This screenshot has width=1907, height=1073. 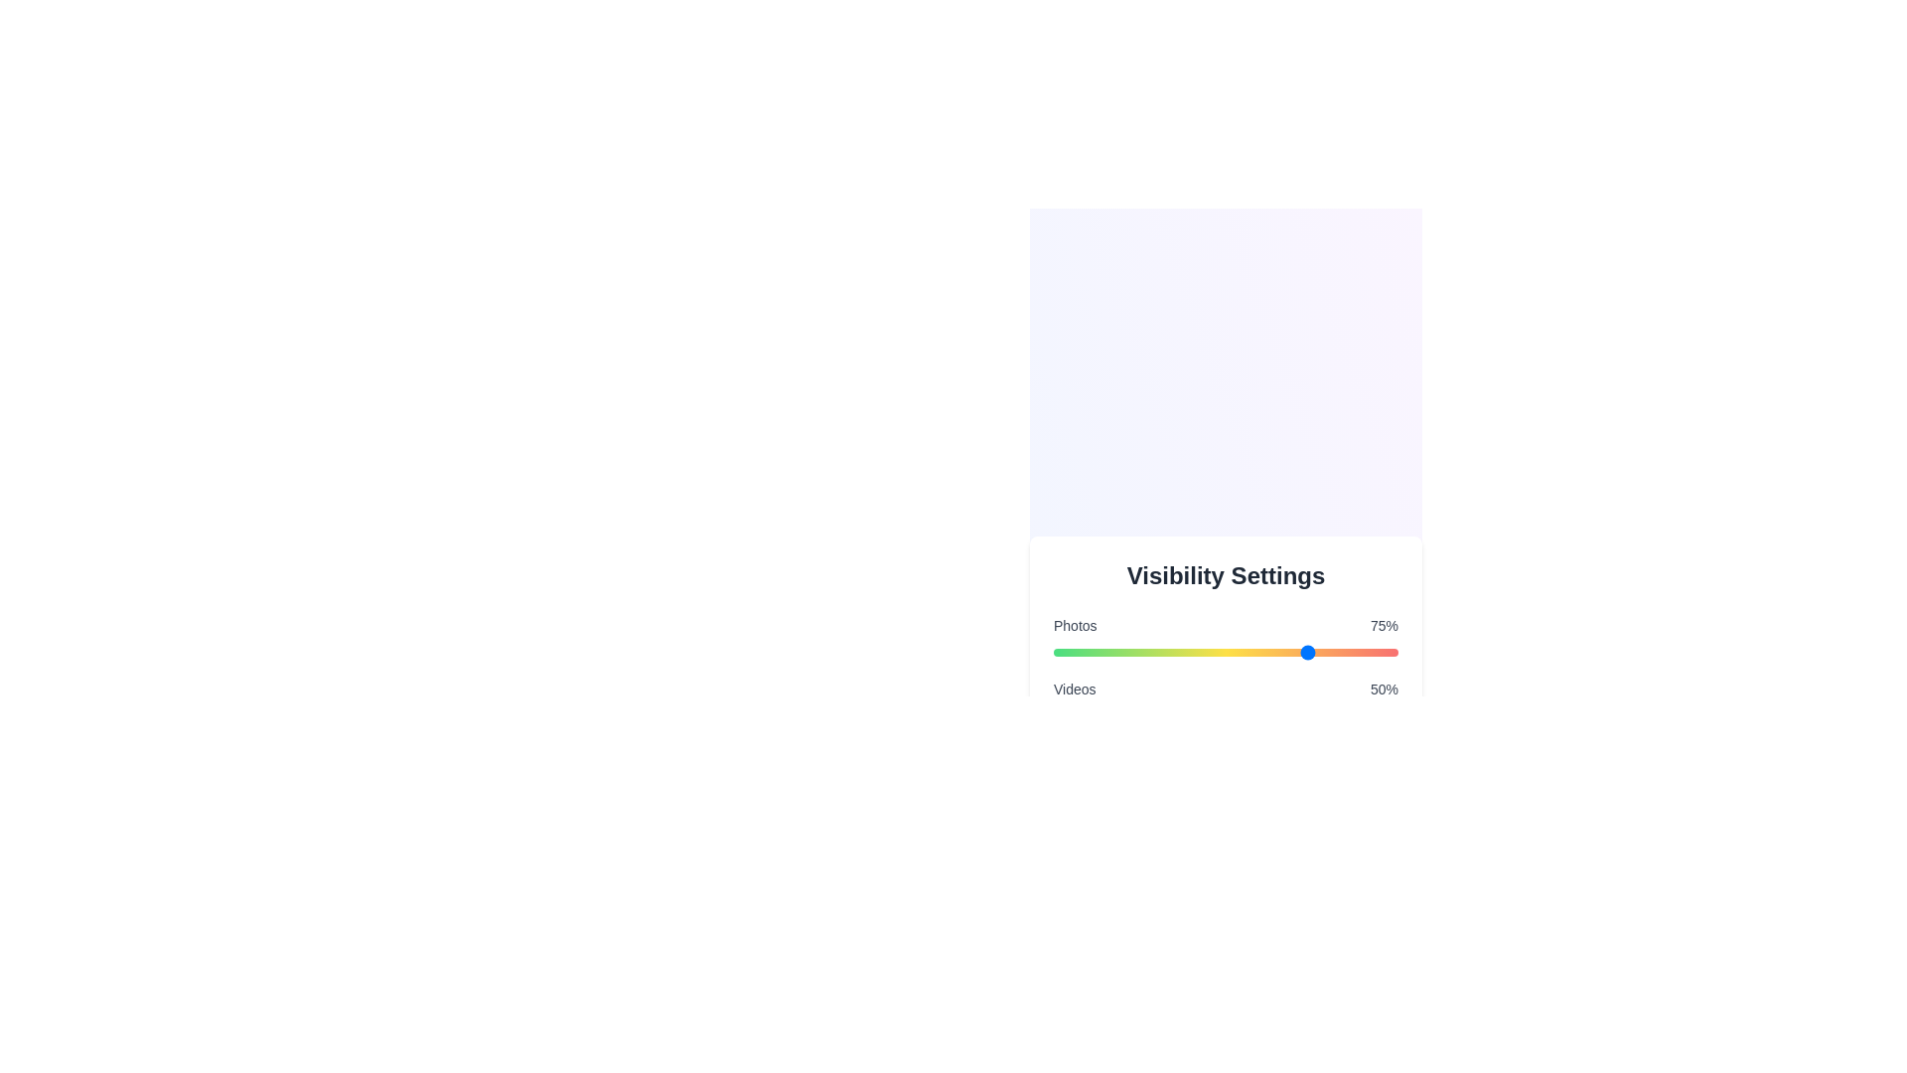 What do you see at coordinates (1091, 652) in the screenshot?
I see `the visibility percentage for a category by setting the slider to 11` at bounding box center [1091, 652].